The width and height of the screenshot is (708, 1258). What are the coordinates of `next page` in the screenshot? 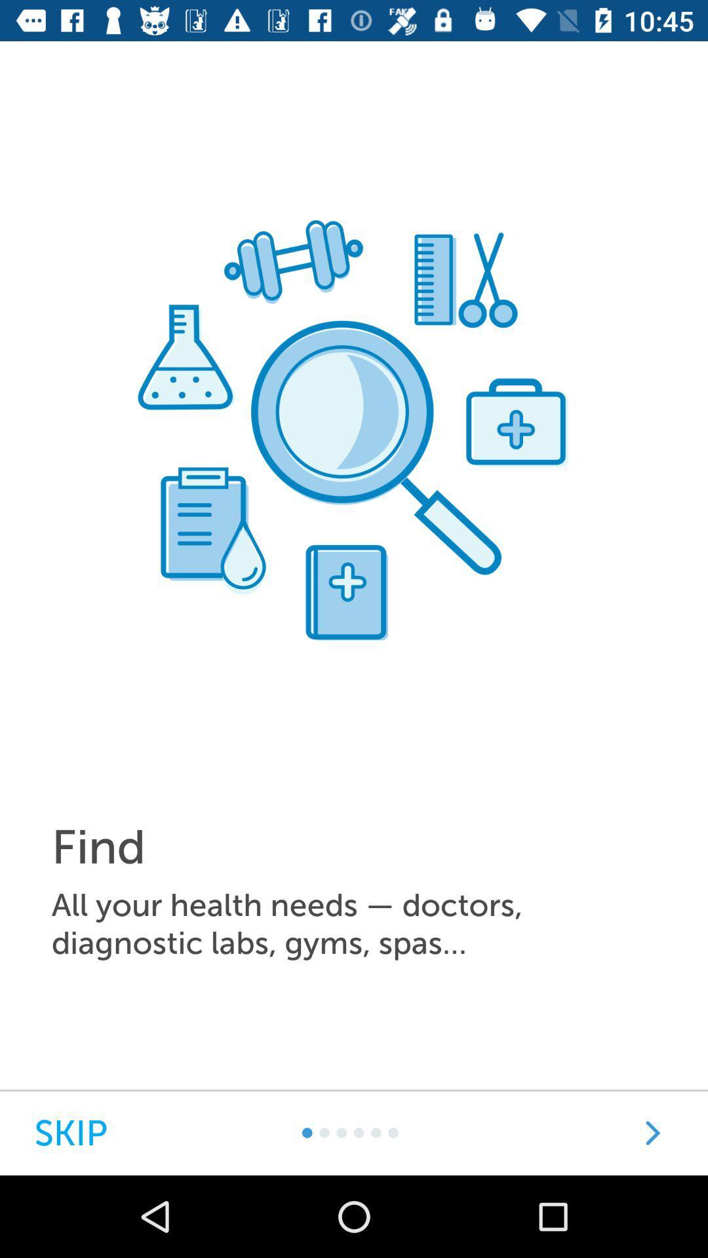 It's located at (652, 1132).